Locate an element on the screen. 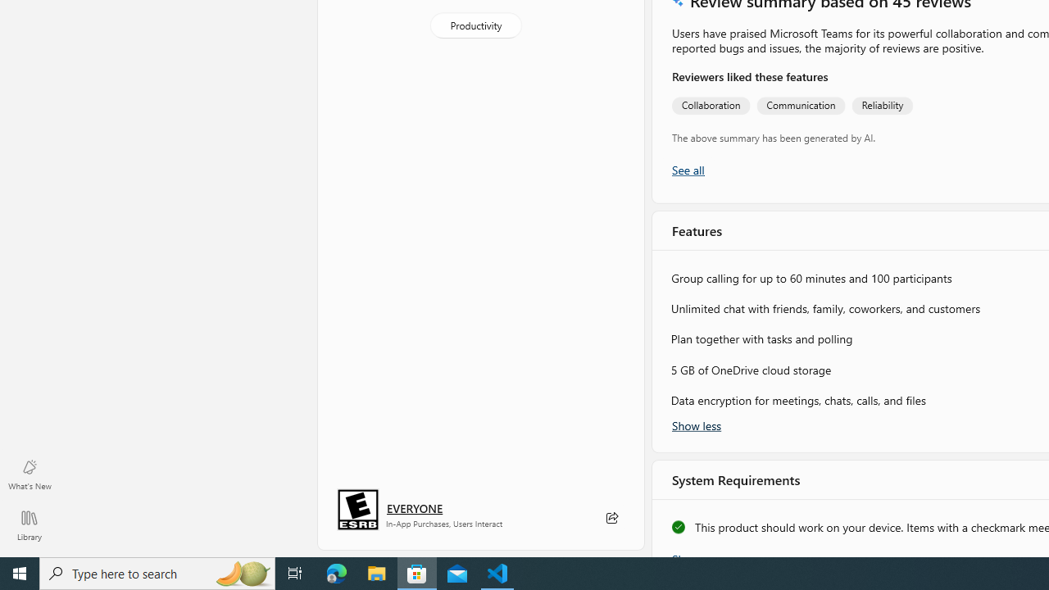 Image resolution: width=1049 pixels, height=590 pixels. 'What' is located at coordinates (29, 474).